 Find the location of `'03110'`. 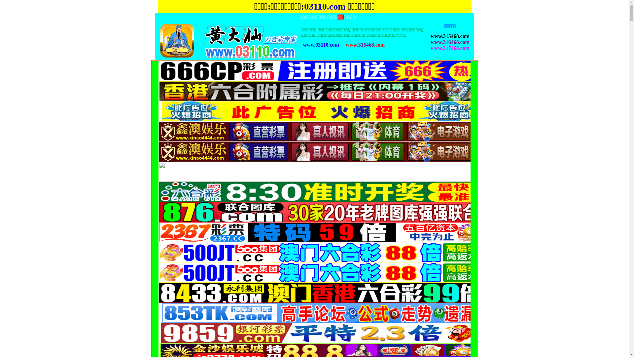

'03110' is located at coordinates (315, 6).